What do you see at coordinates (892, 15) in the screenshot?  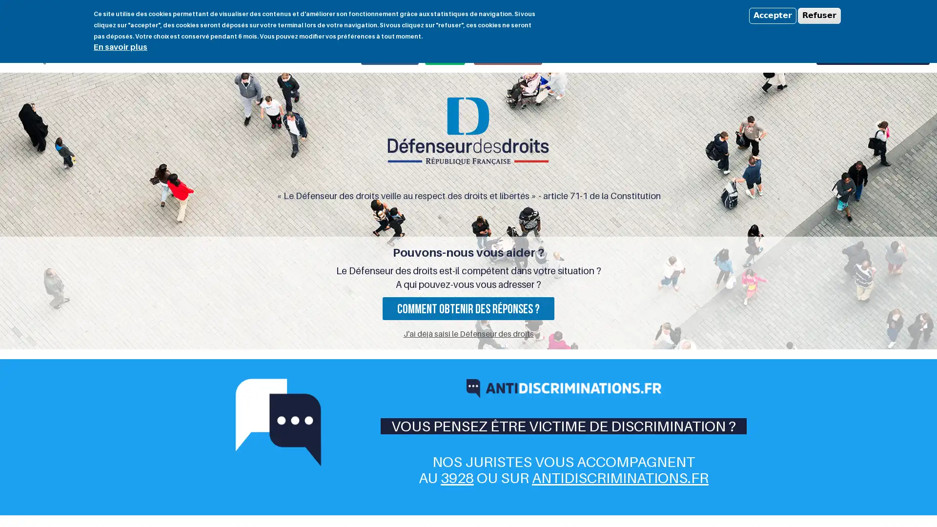 I see `FACIL'iti : Adaptez laffichage` at bounding box center [892, 15].